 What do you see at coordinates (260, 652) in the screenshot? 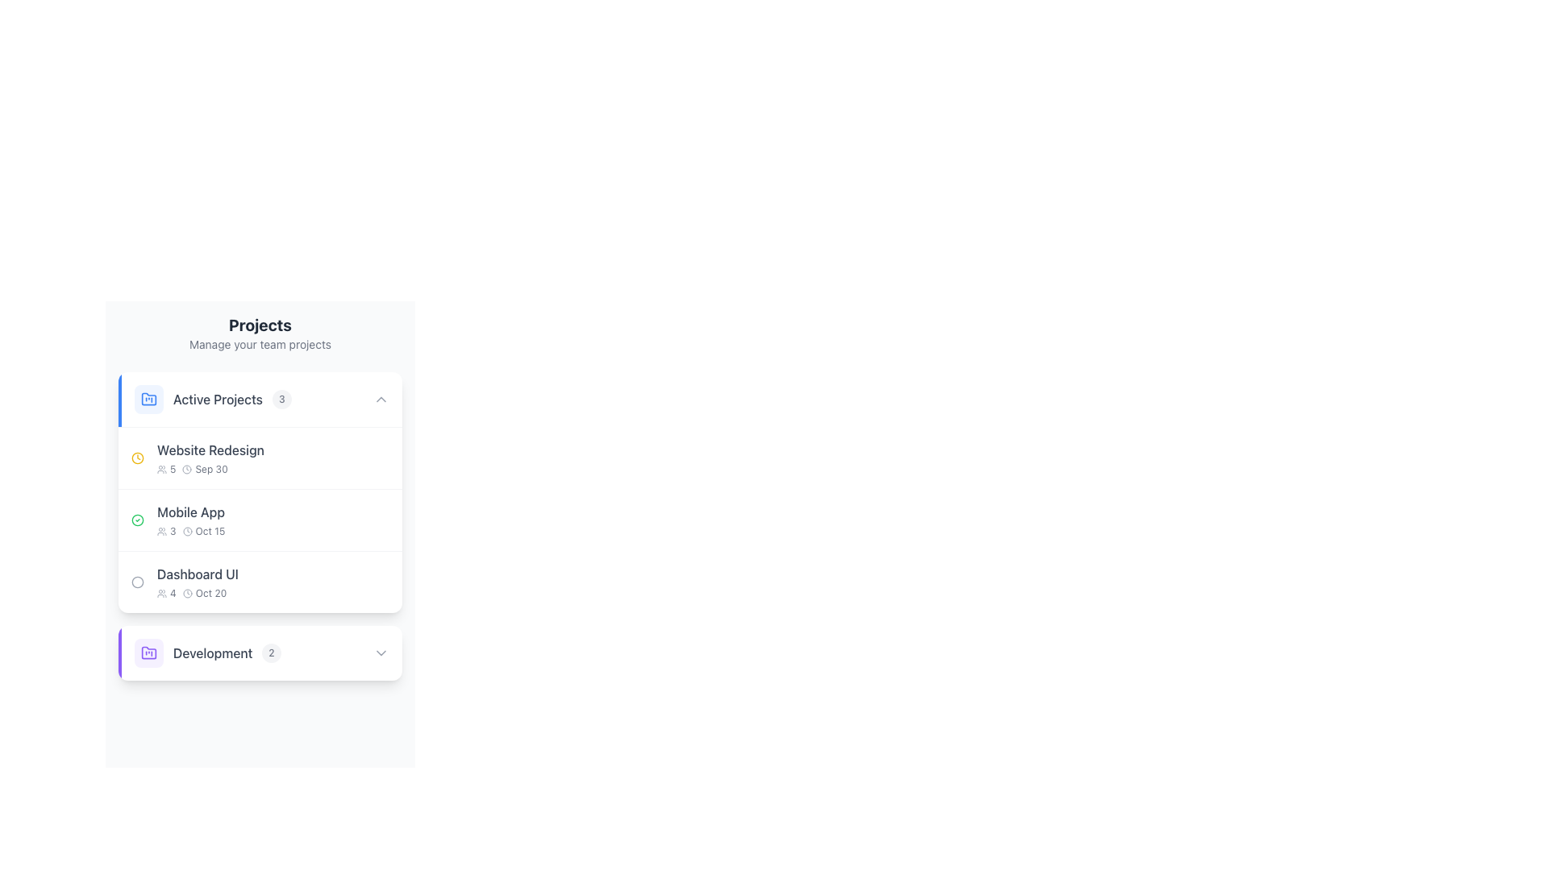
I see `the 'Development' list item card, which has a purple edge and contains a numeric badge` at bounding box center [260, 652].